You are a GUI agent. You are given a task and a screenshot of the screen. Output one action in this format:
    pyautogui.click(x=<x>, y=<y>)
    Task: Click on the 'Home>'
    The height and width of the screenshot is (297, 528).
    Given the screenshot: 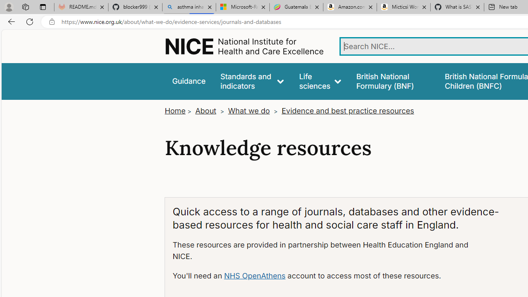 What is the action you would take?
    pyautogui.click(x=178, y=111)
    